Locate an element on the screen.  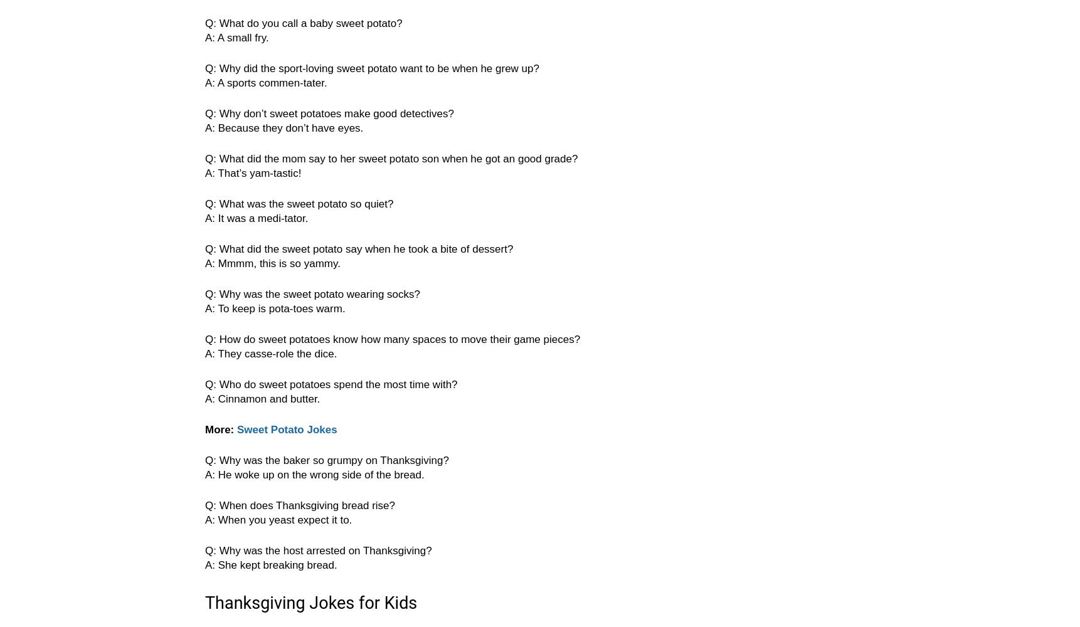
'A: Cinnamon and butter.' is located at coordinates (262, 399).